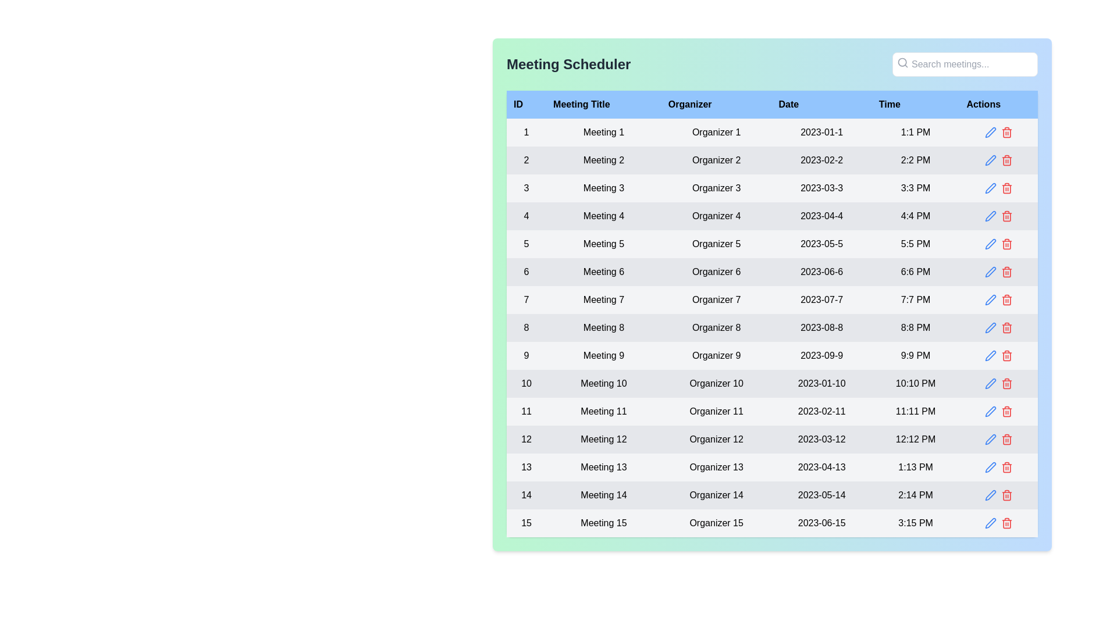 This screenshot has width=1117, height=628. Describe the element at coordinates (526, 160) in the screenshot. I see `the table cell displaying the digit '2' in black text, located under the 'ID' column in the 'Meeting 2' row` at that location.